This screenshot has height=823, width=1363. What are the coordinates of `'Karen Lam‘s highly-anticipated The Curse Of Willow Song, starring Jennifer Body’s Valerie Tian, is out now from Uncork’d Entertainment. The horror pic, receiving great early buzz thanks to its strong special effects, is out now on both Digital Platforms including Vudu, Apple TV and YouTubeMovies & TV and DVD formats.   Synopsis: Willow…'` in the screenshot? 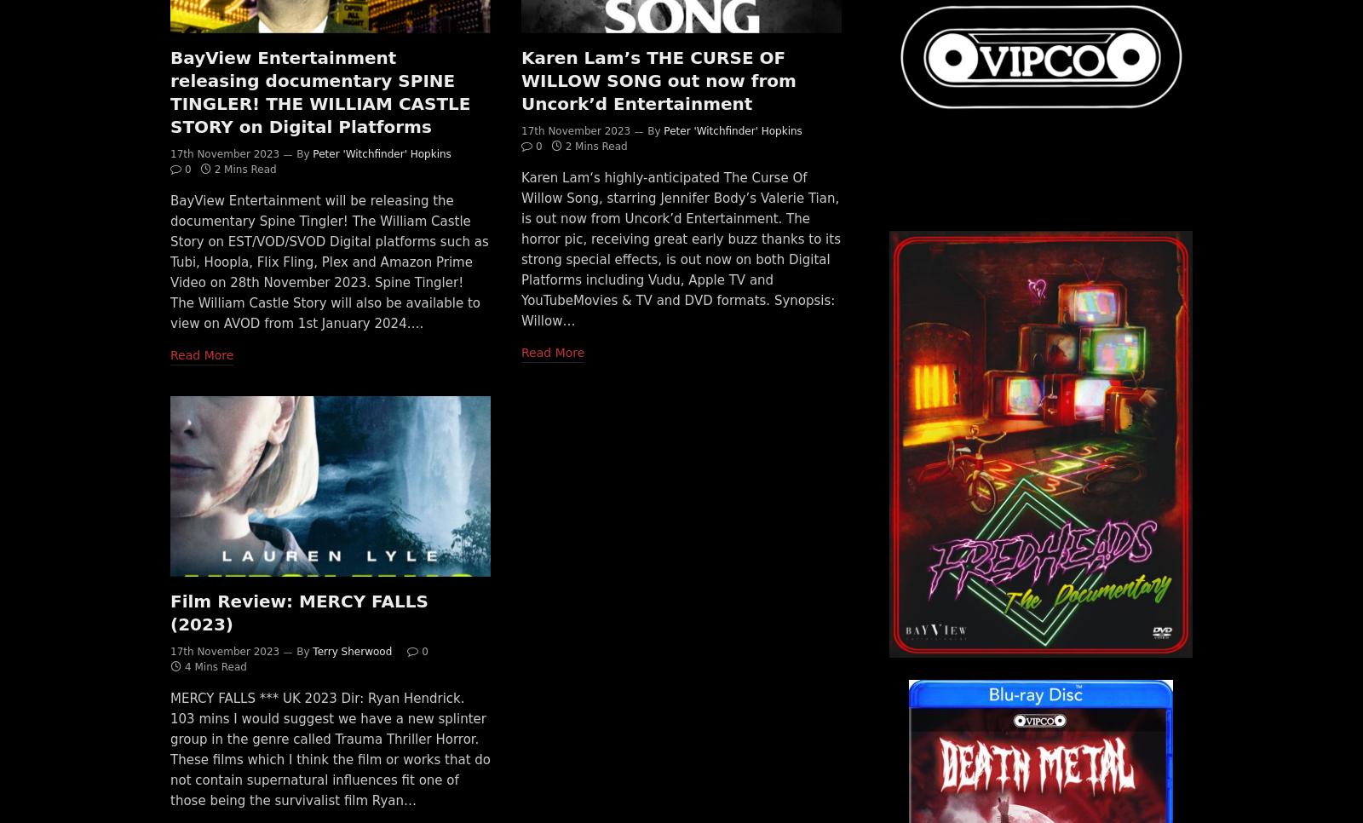 It's located at (681, 248).